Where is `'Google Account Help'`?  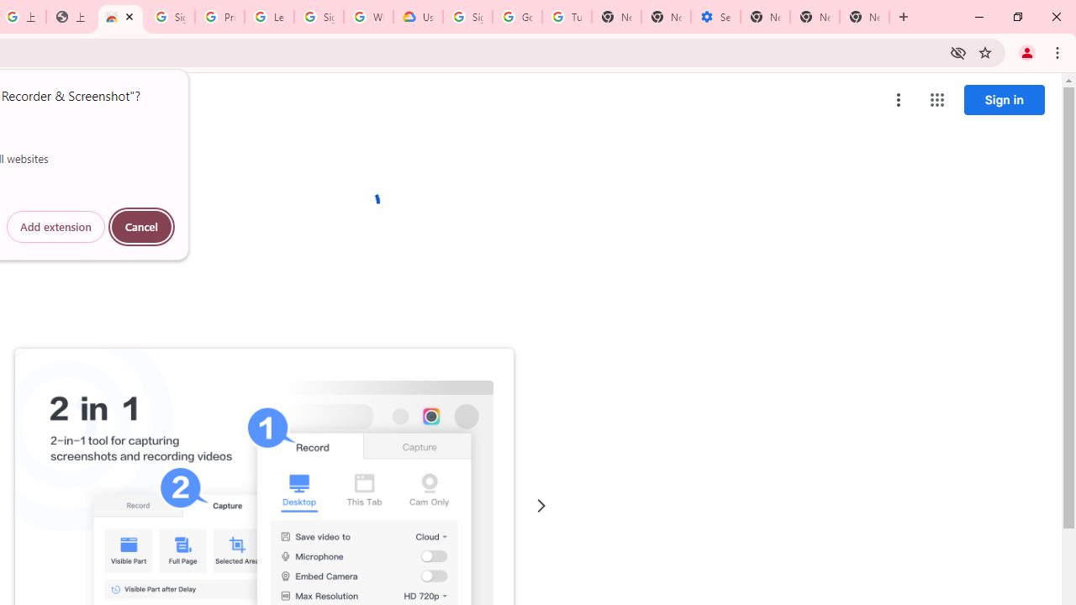
'Google Account Help' is located at coordinates (516, 17).